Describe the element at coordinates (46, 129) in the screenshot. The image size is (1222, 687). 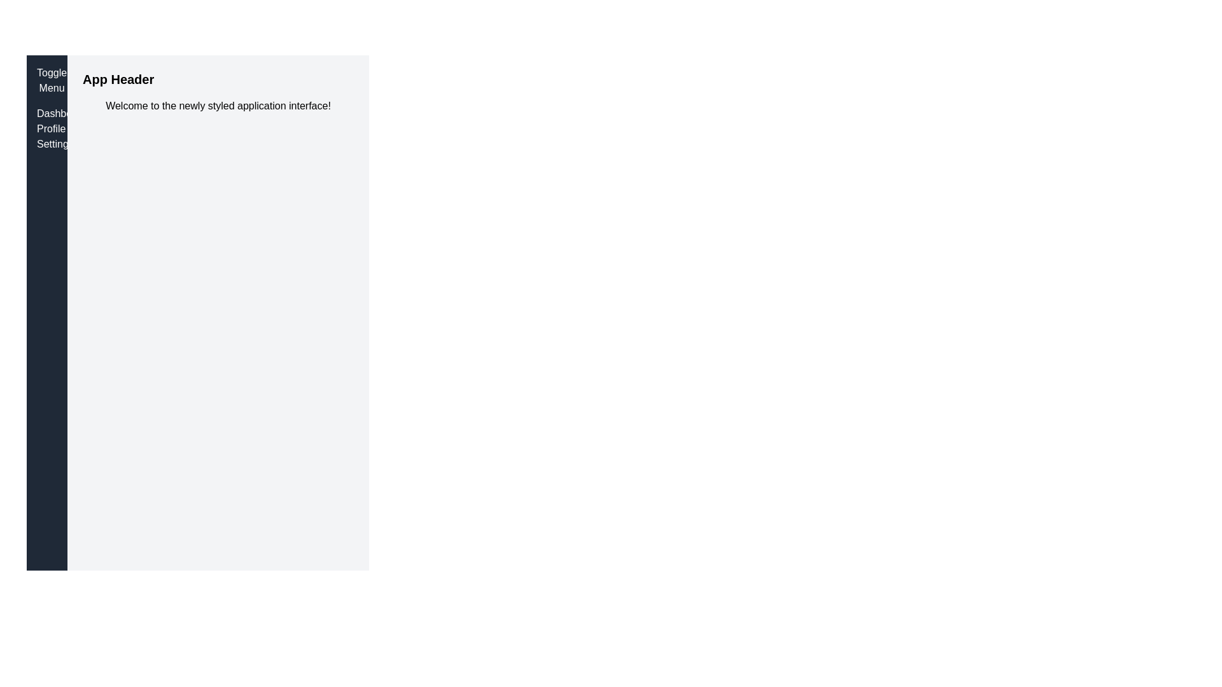
I see `the 'Profile' navigation label, which is the second item in the sidebar stack` at that location.